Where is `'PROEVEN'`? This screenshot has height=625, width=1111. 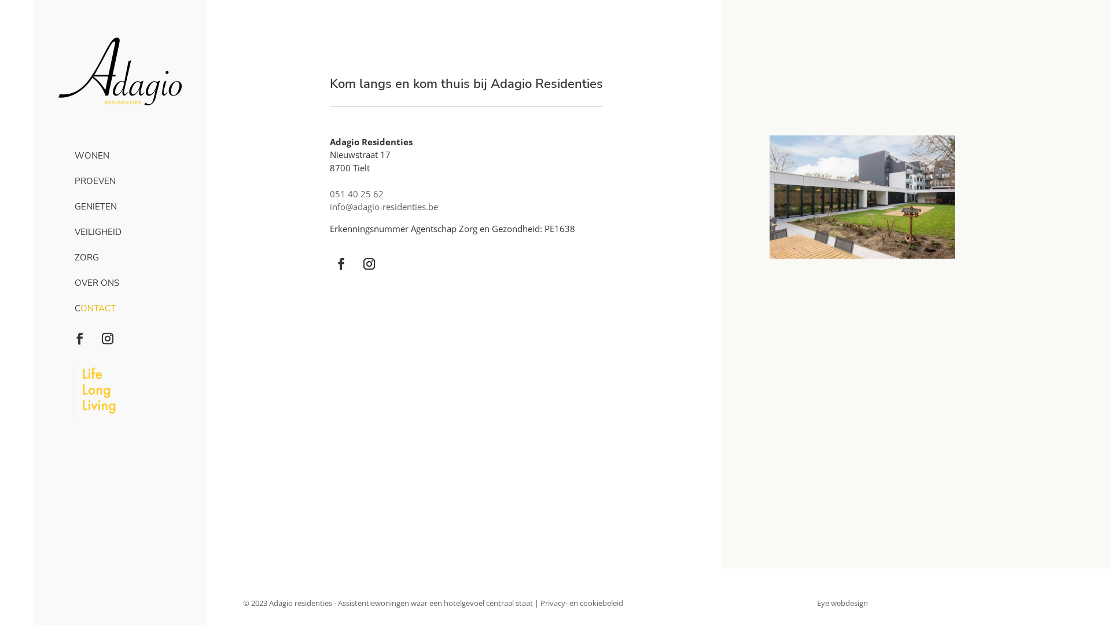
'PROEVEN' is located at coordinates (120, 181).